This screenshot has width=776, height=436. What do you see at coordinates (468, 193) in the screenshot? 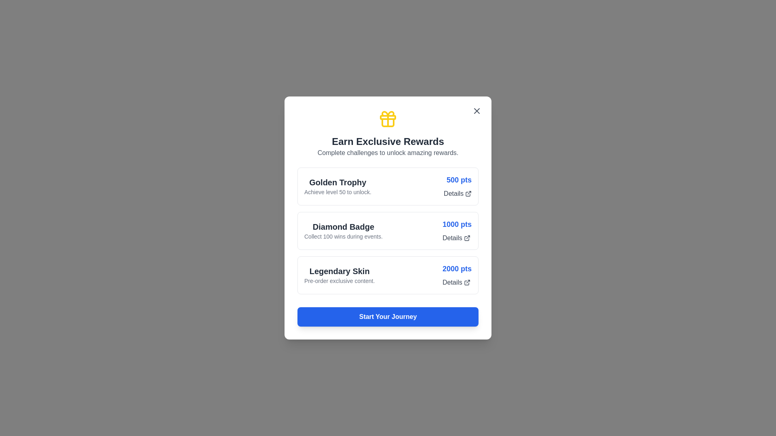
I see `the icon located to the right of the 'Details' text in the first reward item row` at bounding box center [468, 193].